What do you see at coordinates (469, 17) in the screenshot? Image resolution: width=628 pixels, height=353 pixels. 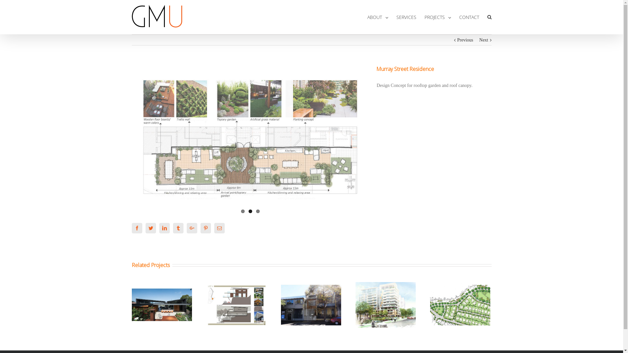 I see `'CONTACT'` at bounding box center [469, 17].